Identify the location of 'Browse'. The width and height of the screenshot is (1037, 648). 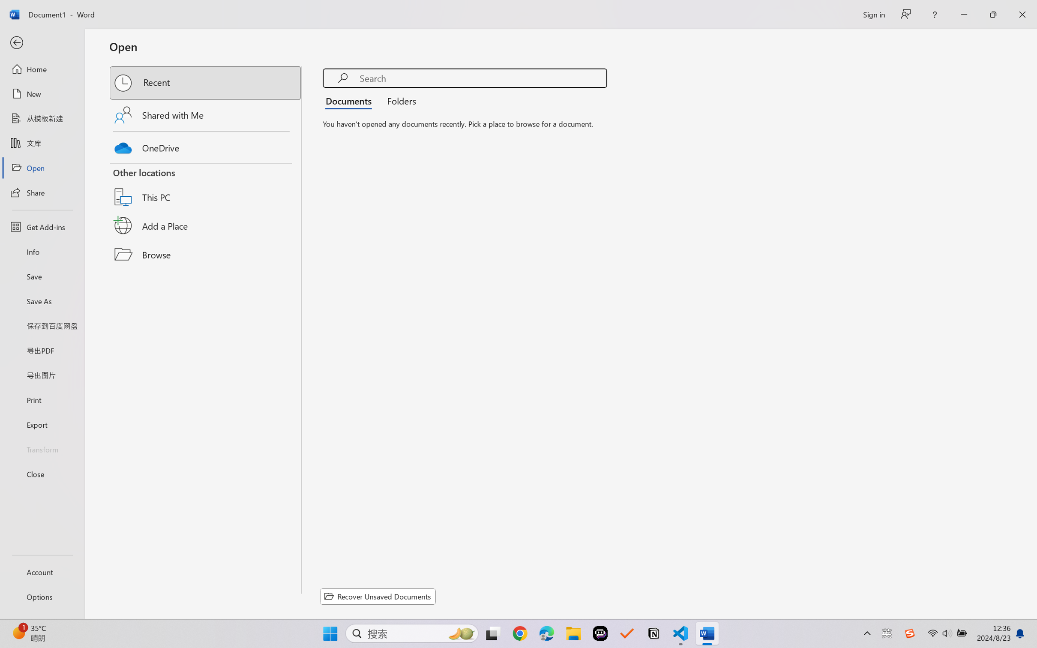
(206, 254).